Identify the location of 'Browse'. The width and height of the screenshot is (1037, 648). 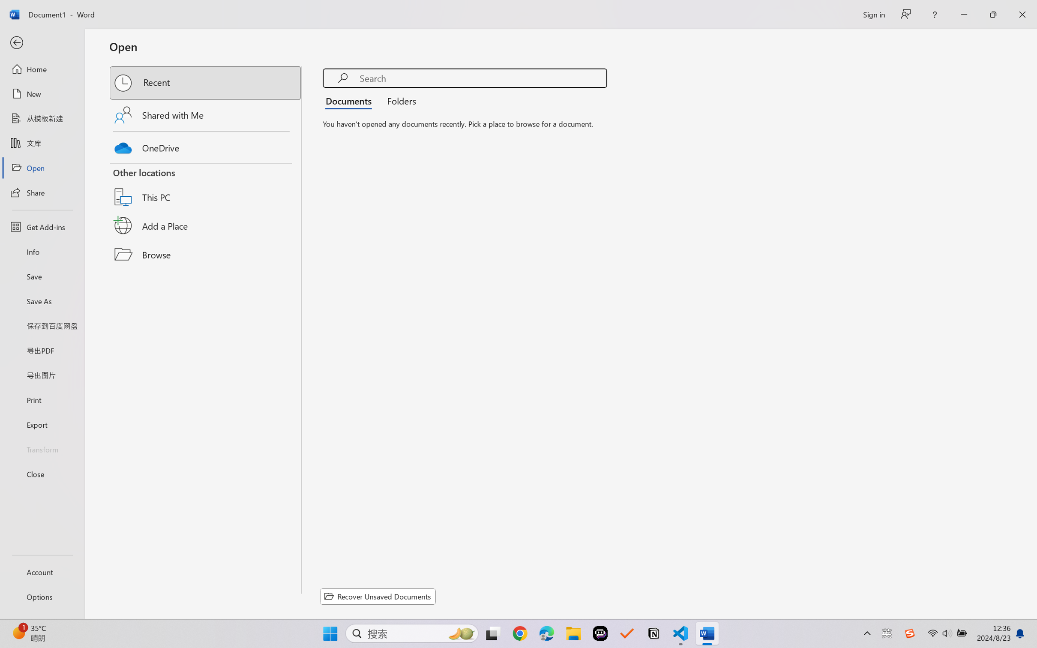
(206, 254).